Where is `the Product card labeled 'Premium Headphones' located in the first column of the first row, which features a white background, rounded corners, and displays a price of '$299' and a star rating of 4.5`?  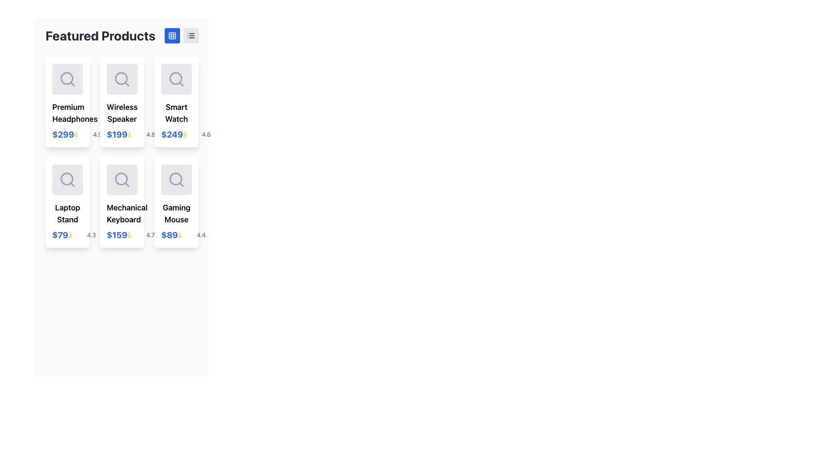 the Product card labeled 'Premium Headphones' located in the first column of the first row, which features a white background, rounded corners, and displays a price of '$299' and a star rating of 4.5 is located at coordinates (67, 101).